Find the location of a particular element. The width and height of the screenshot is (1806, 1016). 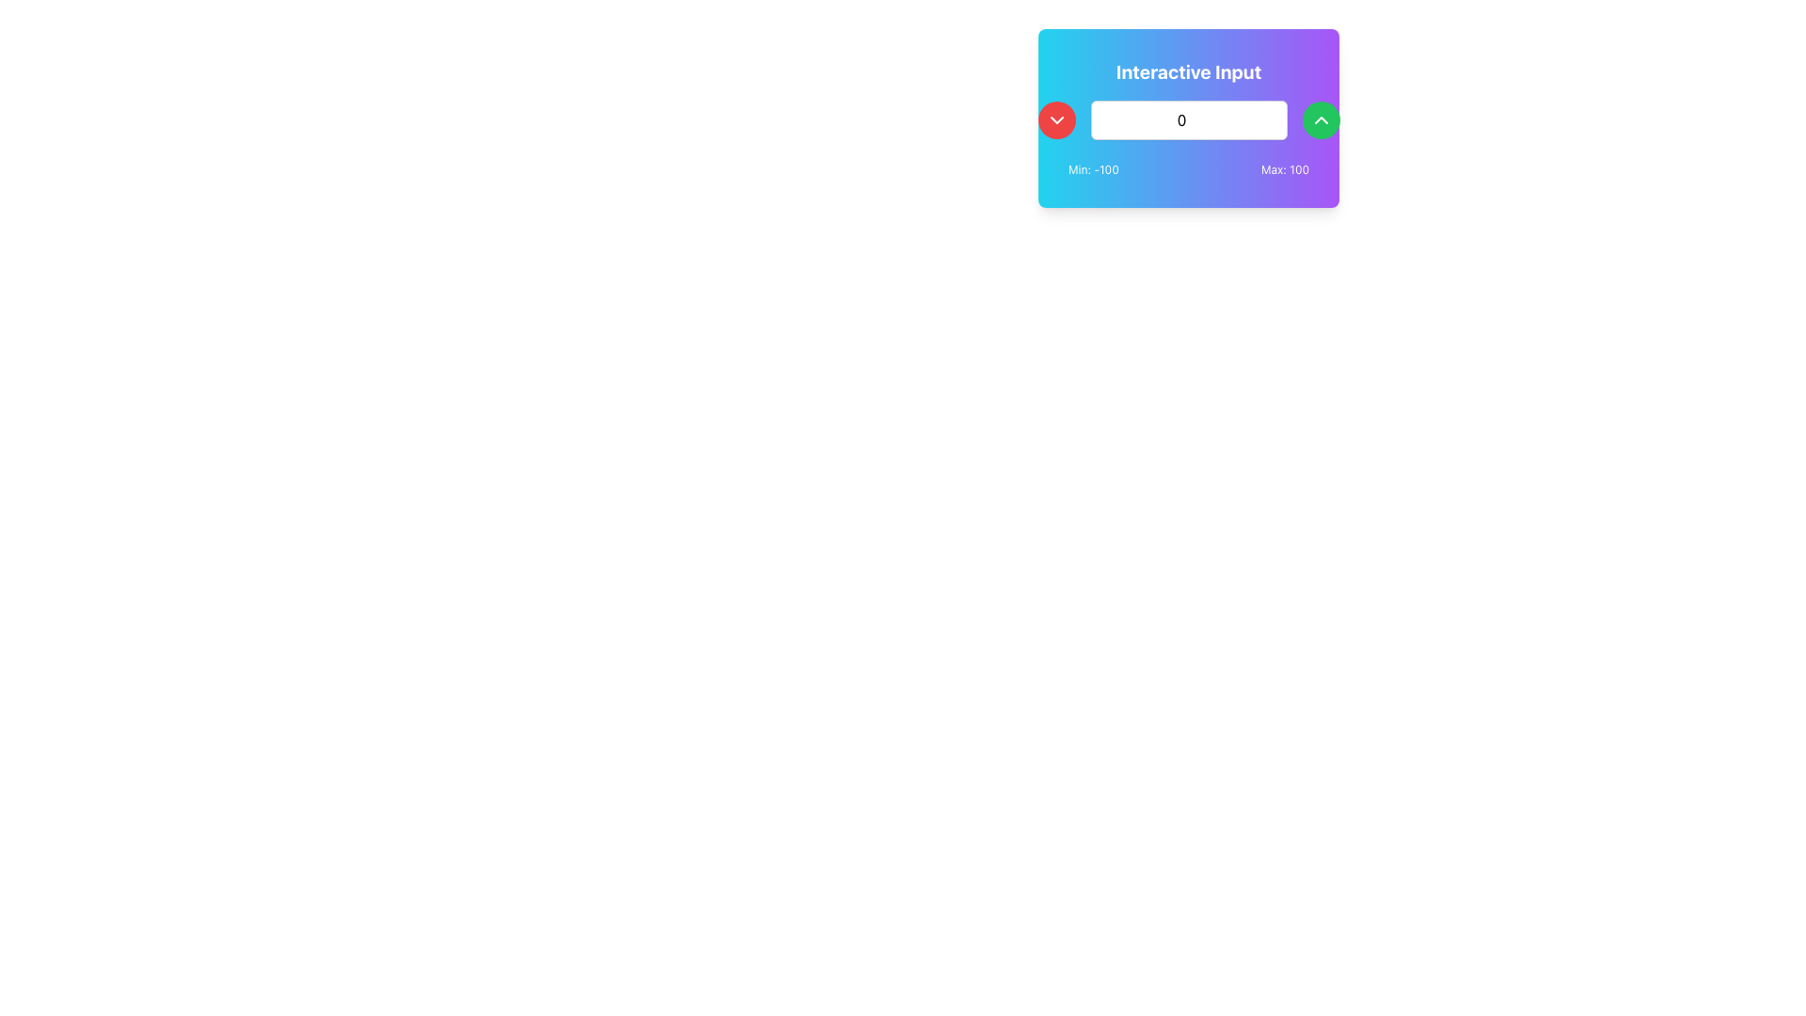

the interactive number input field located in the 'Interactive Input' group, which is horizontally centered and flanked by red and green buttons is located at coordinates (1187, 119).